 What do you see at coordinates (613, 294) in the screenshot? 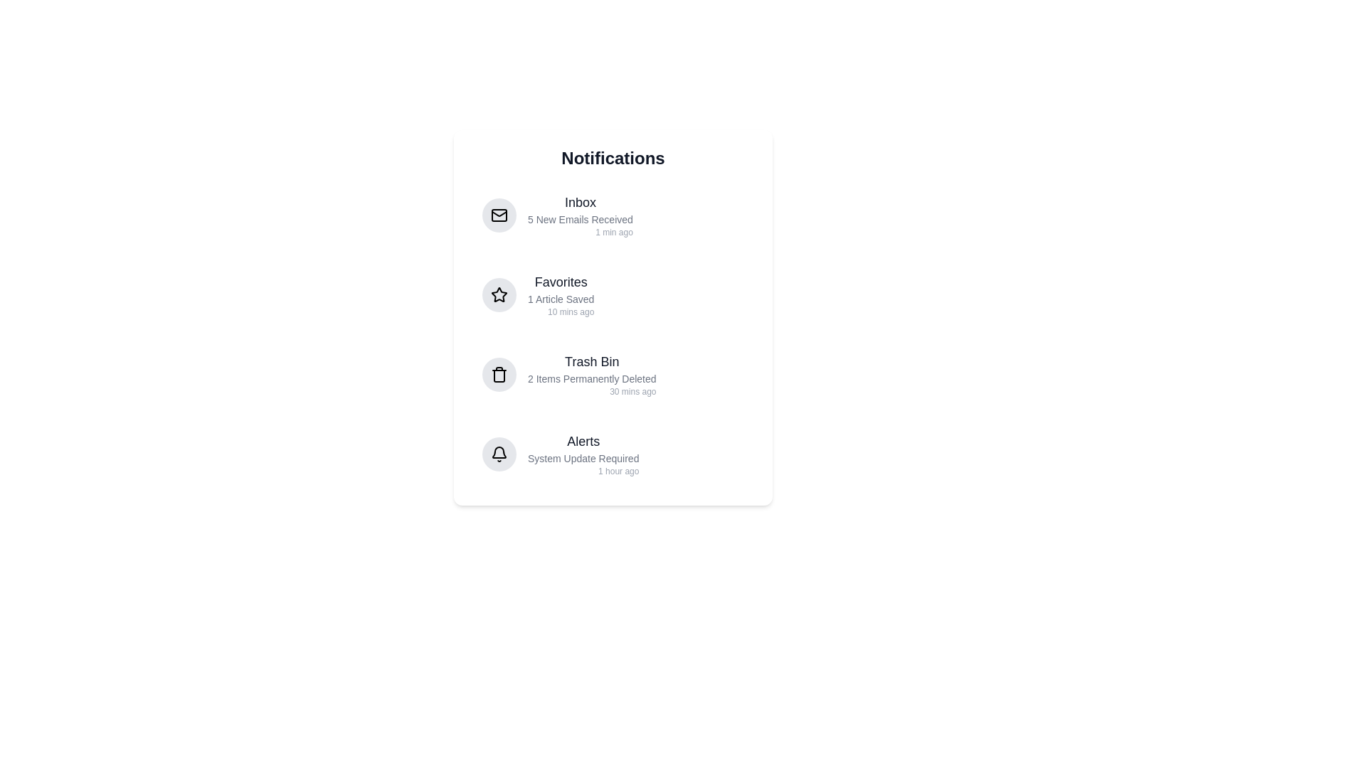
I see `the notification Favorites to see its hover effect` at bounding box center [613, 294].